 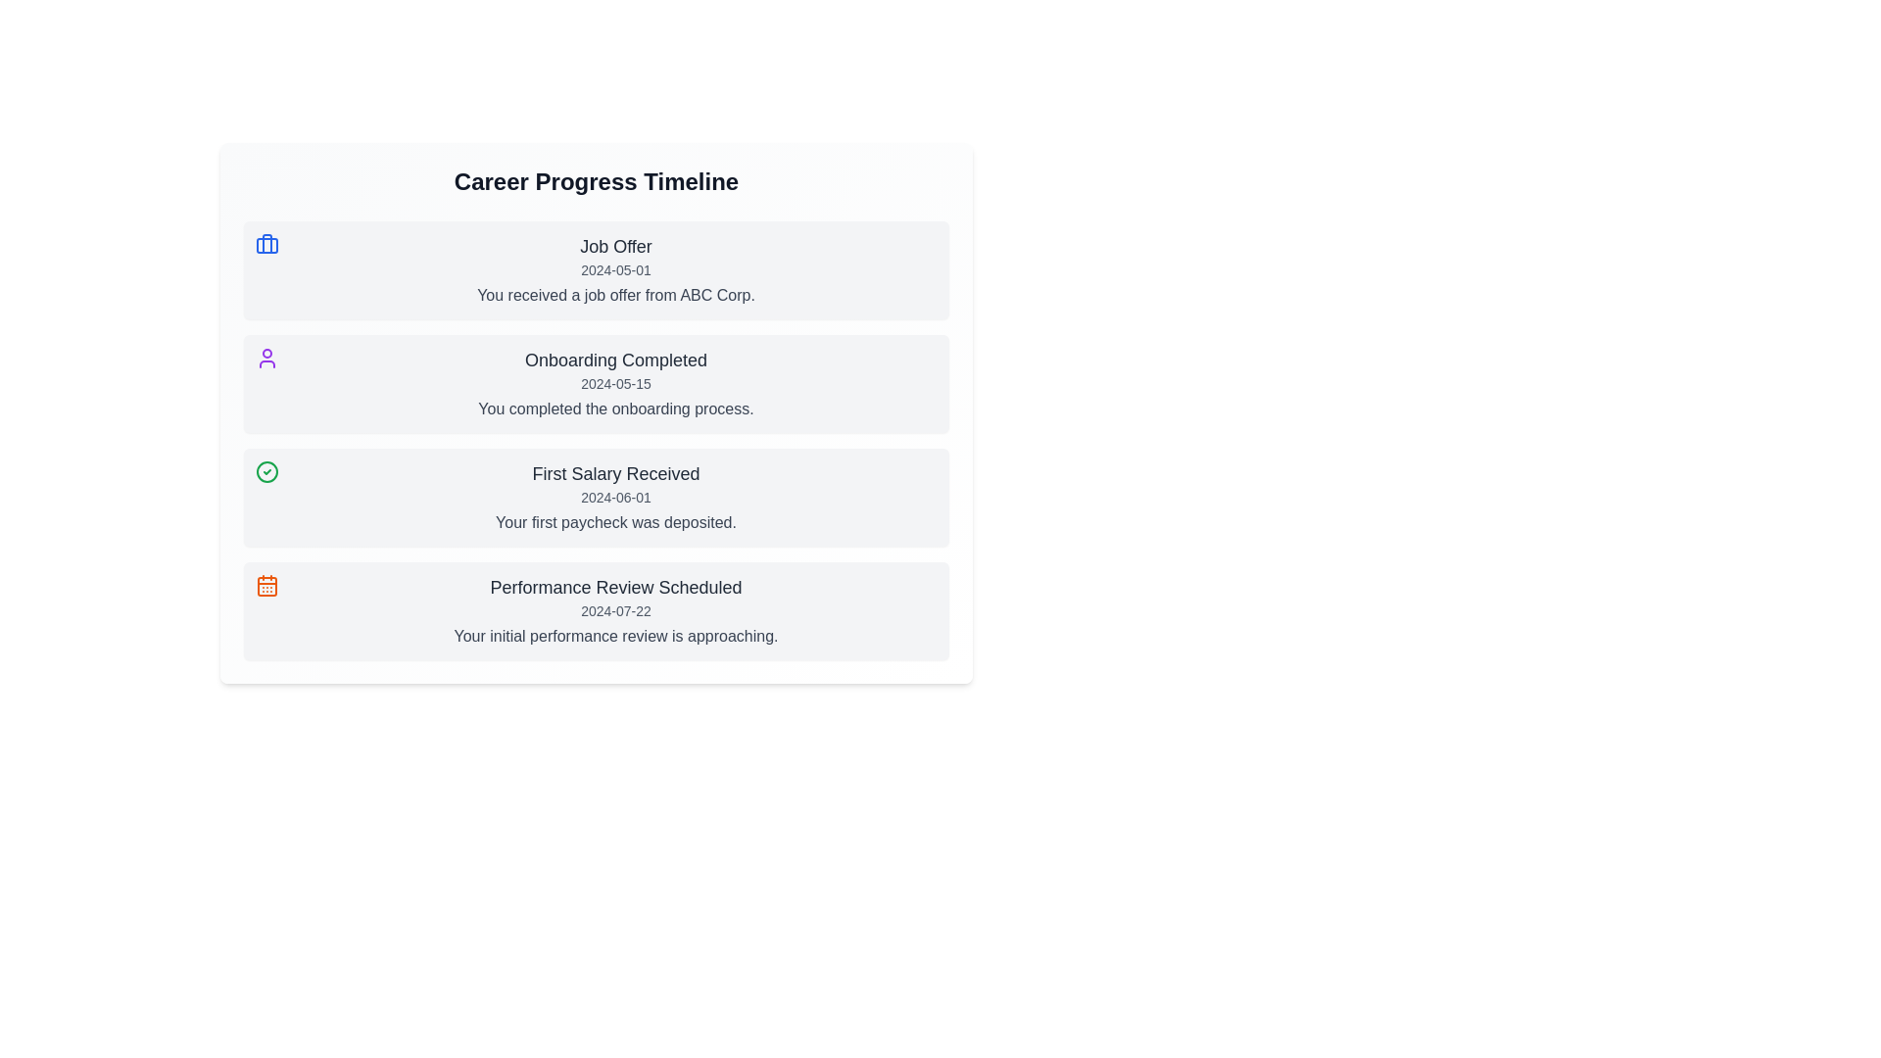 I want to click on the purple user icon representing the onboarding completion, located at the left side of the row labeled 'Onboarding Completed', so click(x=266, y=359).